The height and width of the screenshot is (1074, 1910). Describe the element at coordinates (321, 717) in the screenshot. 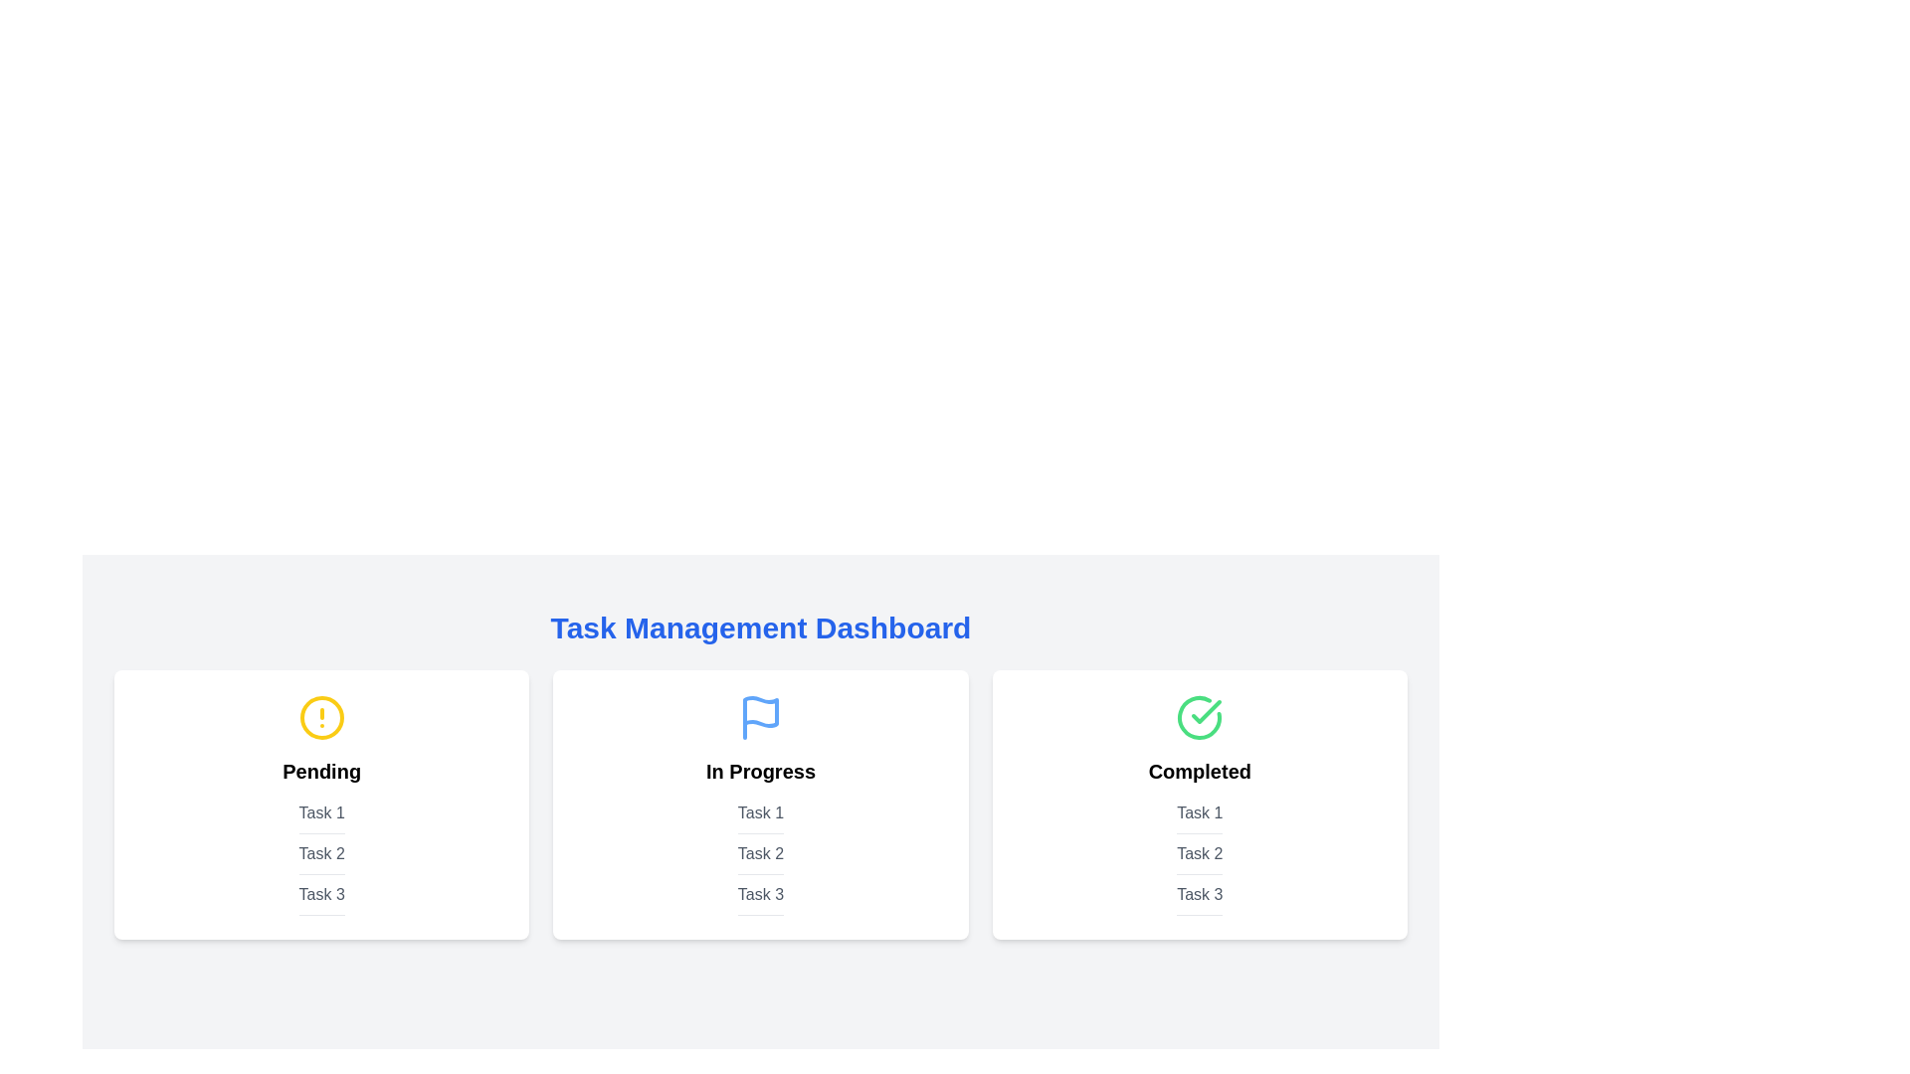

I see `the alert or notification icon located inside the 'Pending' card in the Task Management Dashboard, which is centered above the 'Pending' label` at that location.